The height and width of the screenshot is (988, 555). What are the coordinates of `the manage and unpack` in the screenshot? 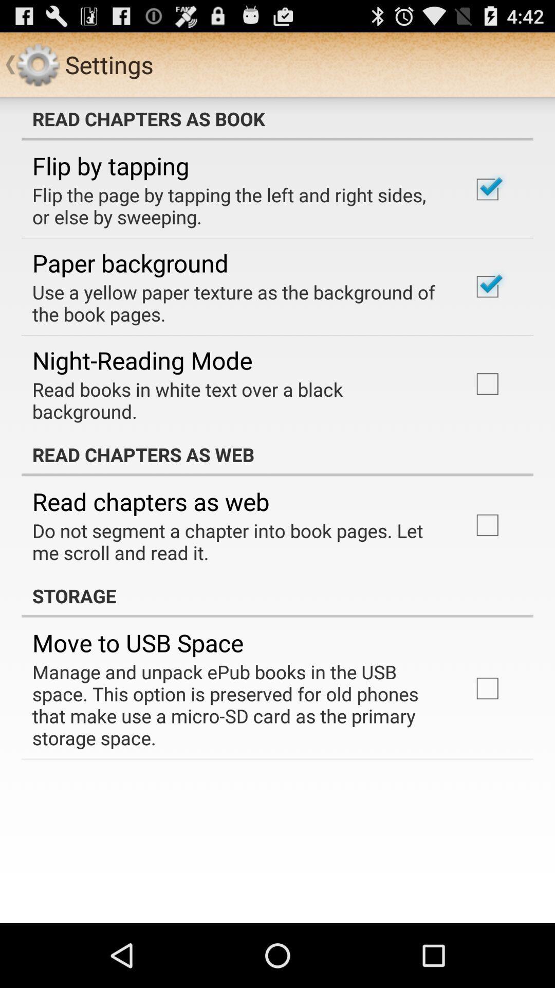 It's located at (238, 704).